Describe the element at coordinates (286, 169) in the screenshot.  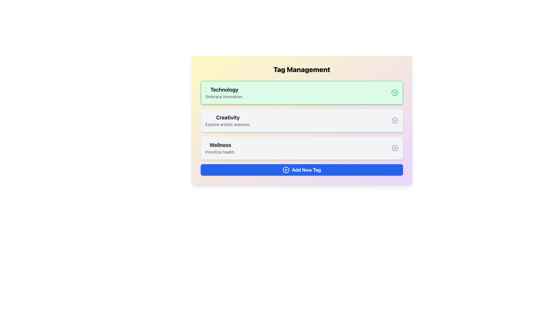
I see `the icon with a circular border and plus sign inside it, which is located on the left side of the 'Add New Tag' blue button at the bottom center of the interface` at that location.